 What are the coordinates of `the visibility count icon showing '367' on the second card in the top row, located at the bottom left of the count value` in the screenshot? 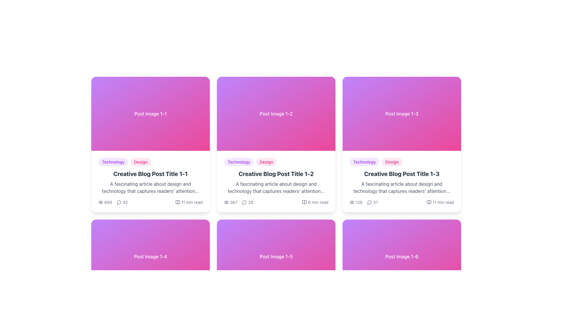 It's located at (226, 202).